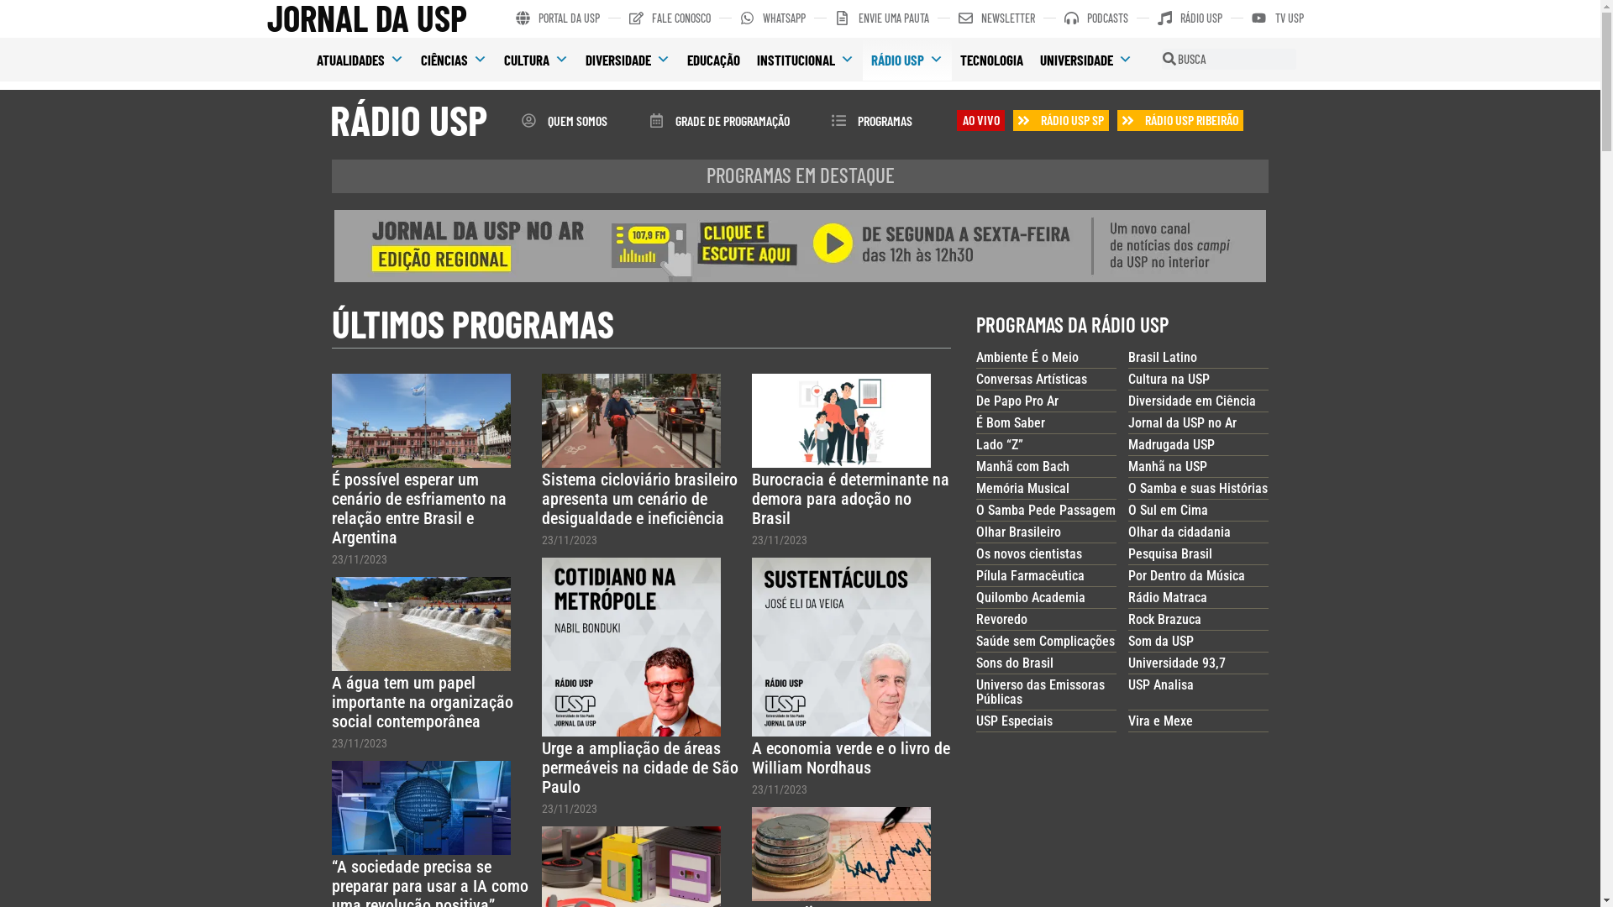 The width and height of the screenshot is (1613, 907). Describe the element at coordinates (627, 58) in the screenshot. I see `'DIVERSIDADE'` at that location.